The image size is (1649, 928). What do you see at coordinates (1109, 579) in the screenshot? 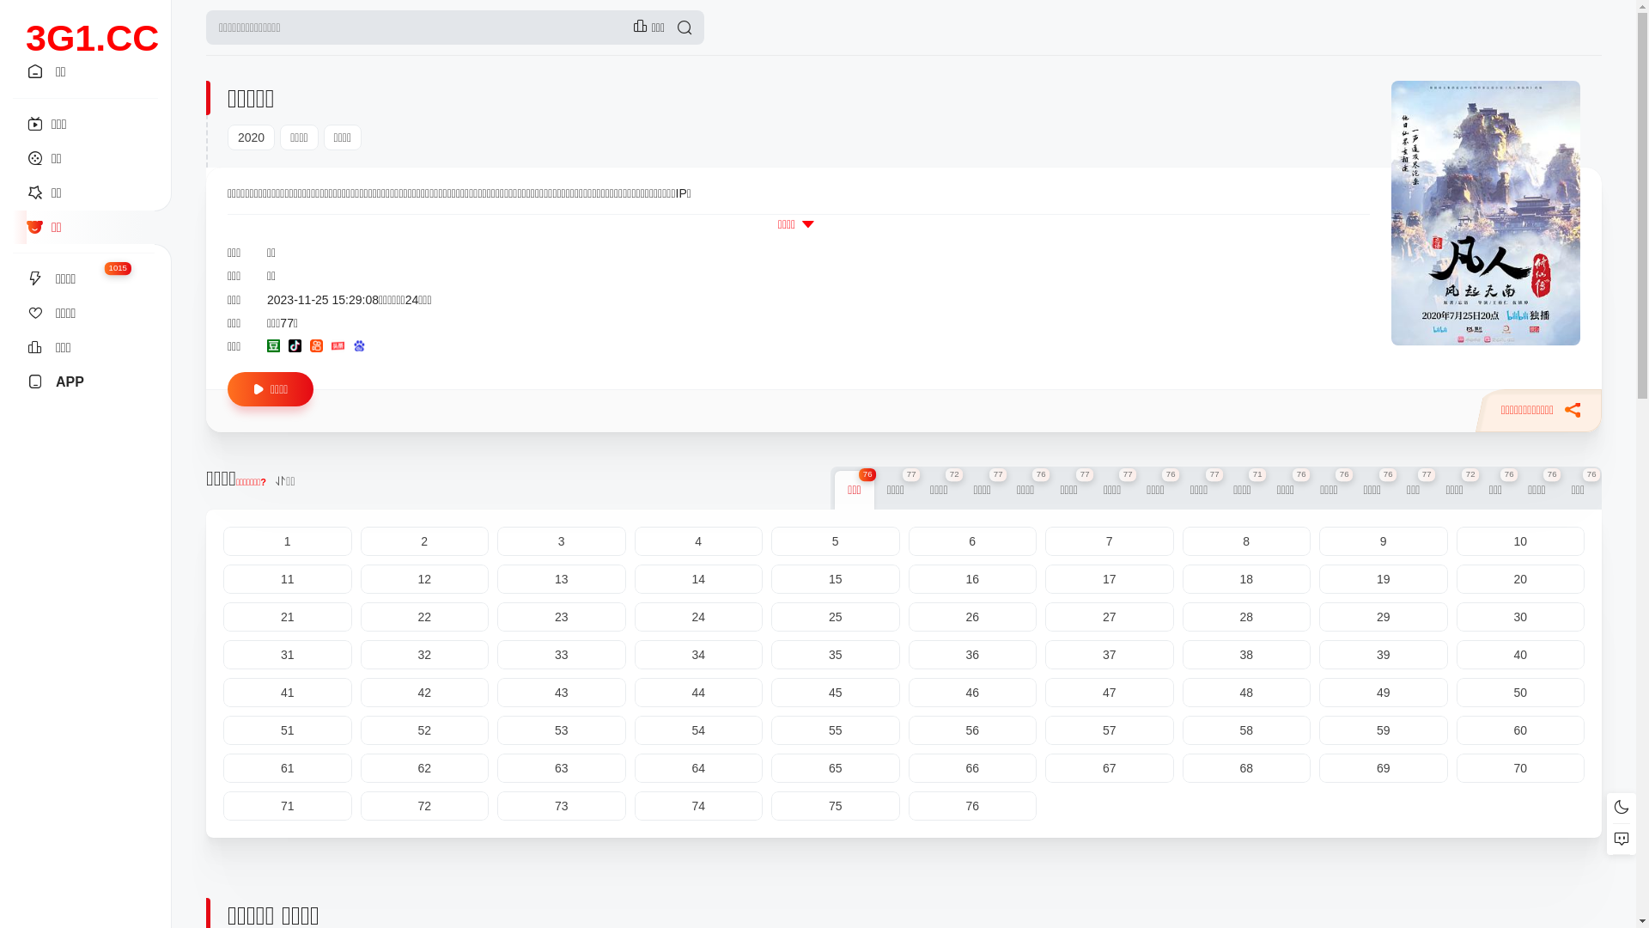
I see `'17'` at bounding box center [1109, 579].